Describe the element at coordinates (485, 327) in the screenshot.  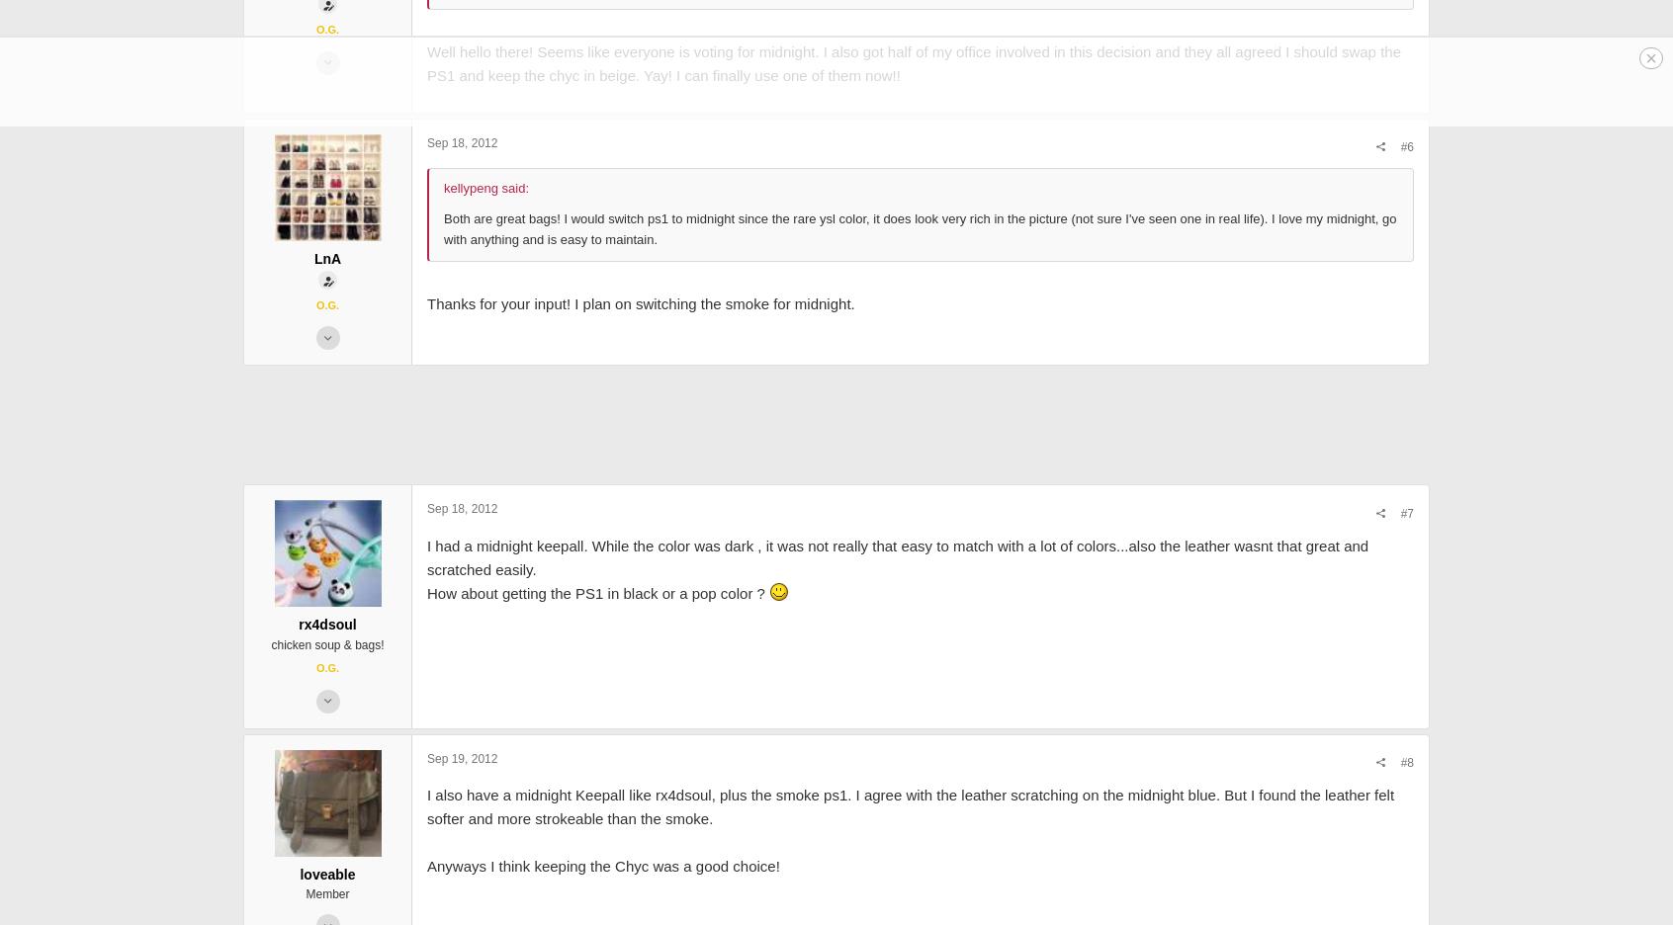
I see `'kellypeng said:'` at that location.